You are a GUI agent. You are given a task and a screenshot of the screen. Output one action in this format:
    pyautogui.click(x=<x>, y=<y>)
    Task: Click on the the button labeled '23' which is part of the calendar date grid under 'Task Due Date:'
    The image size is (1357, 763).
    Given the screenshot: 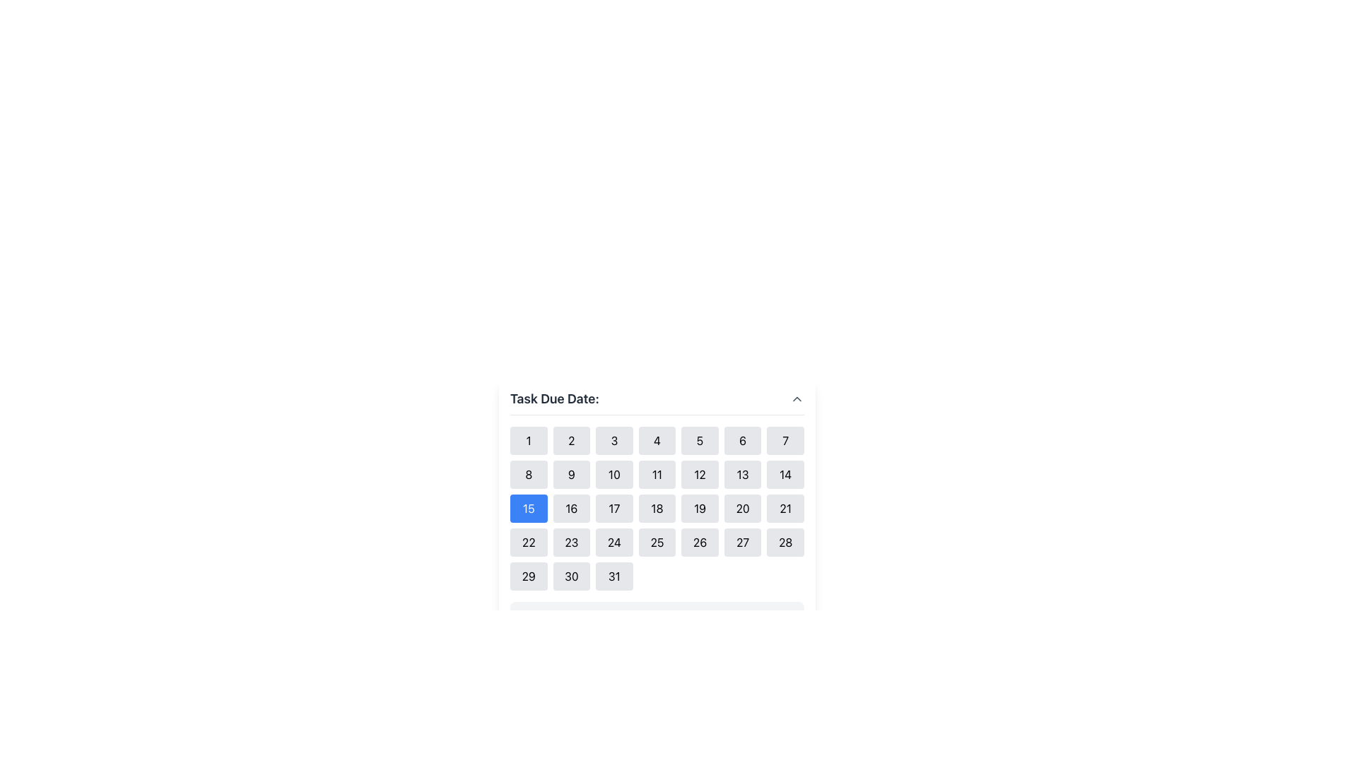 What is the action you would take?
    pyautogui.click(x=571, y=541)
    